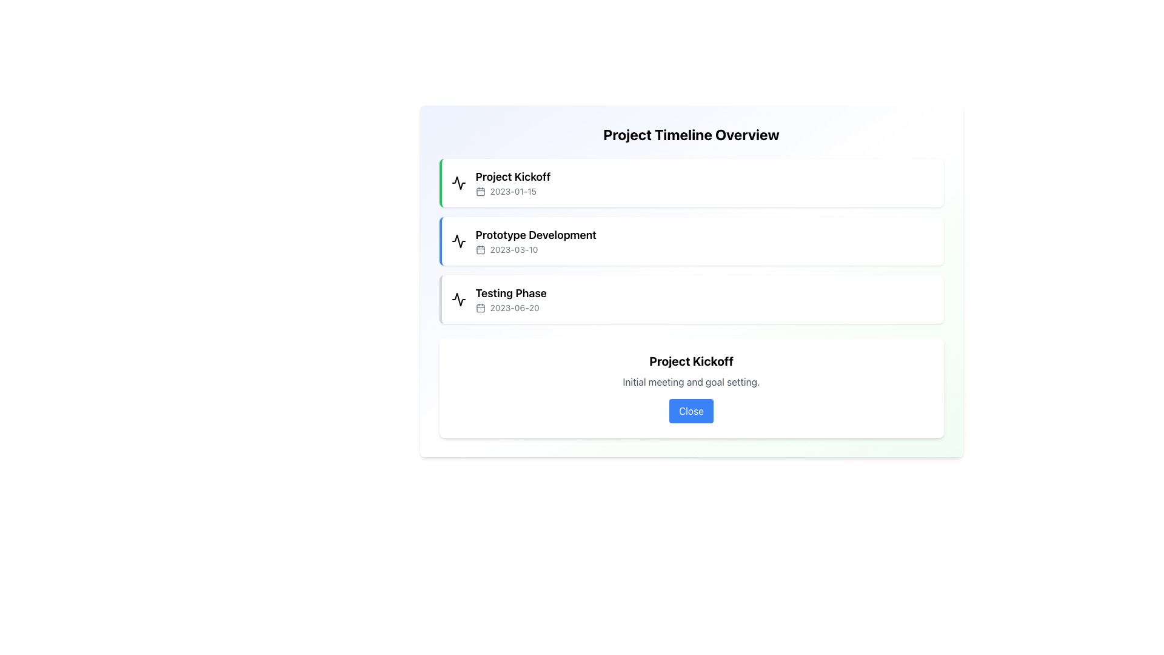 The height and width of the screenshot is (655, 1164). I want to click on the first List item with event information titled 'Project Kickoff', so click(691, 183).